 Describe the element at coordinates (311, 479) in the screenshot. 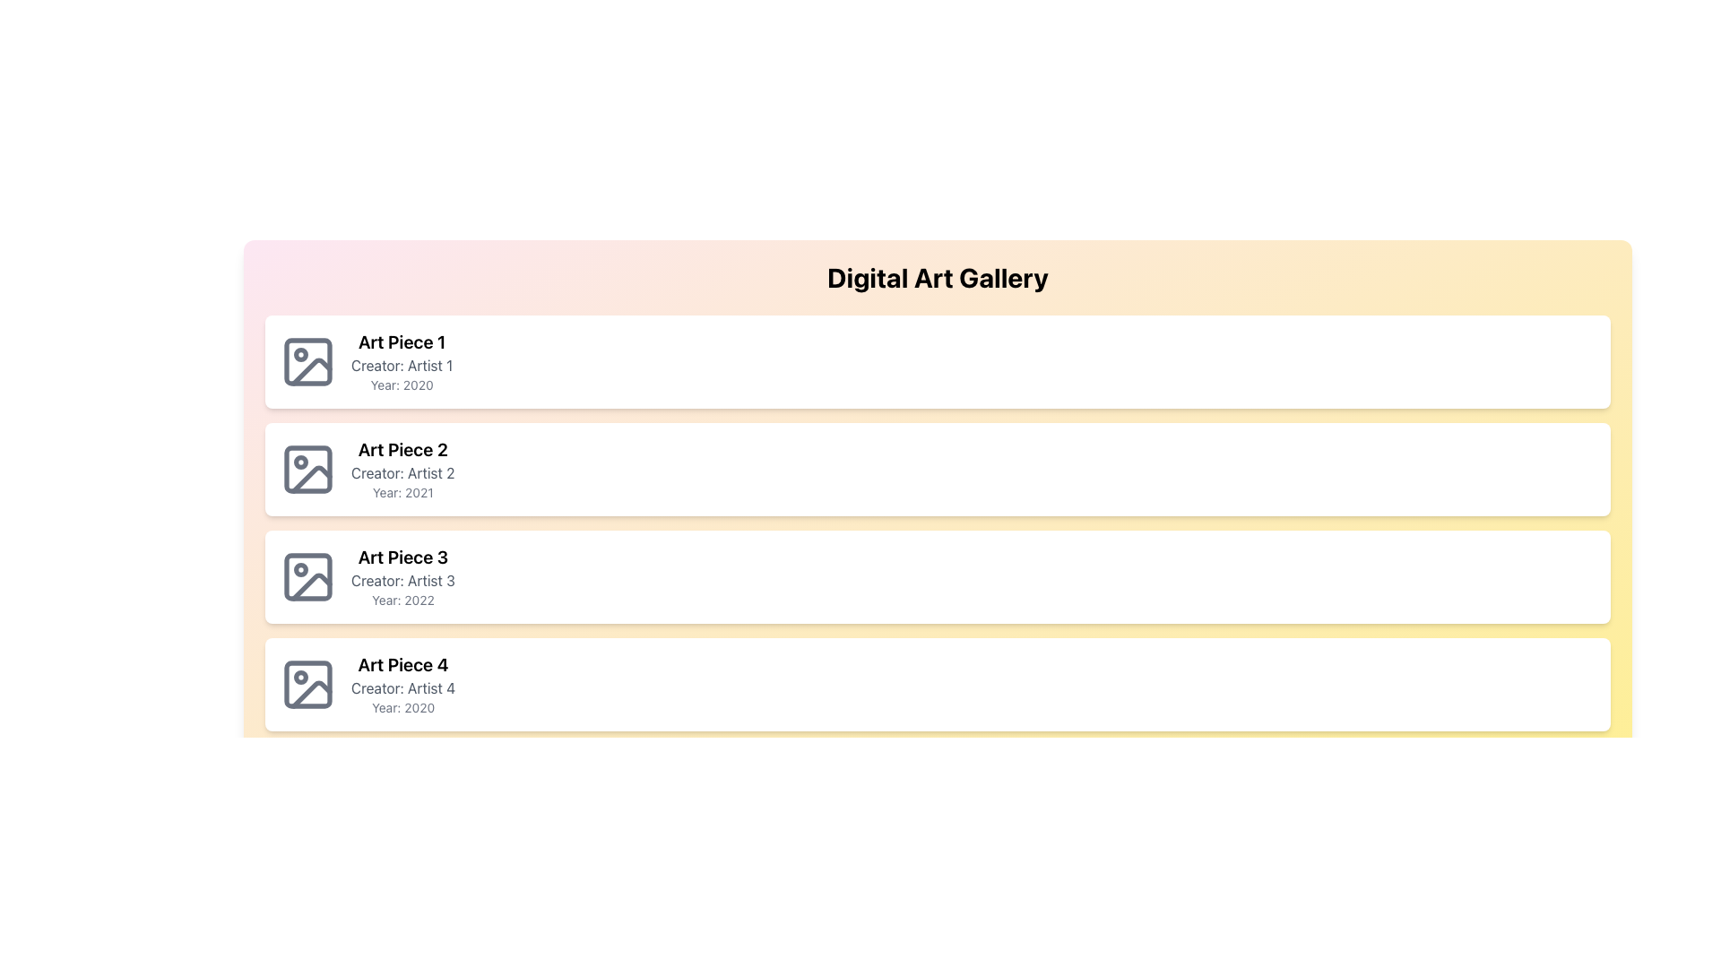

I see `the decorative element within the SVG graphic that is part of the icon representing an image placeholder in the second row's icon of the gallery interface, specifically the square icon on the left side of the 'Art Piece 2' section` at that location.